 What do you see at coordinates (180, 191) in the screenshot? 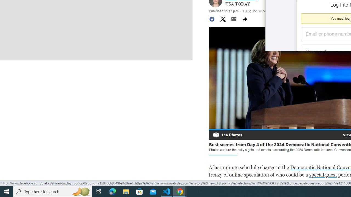
I see `'Google Chrome - 2 running windows'` at bounding box center [180, 191].